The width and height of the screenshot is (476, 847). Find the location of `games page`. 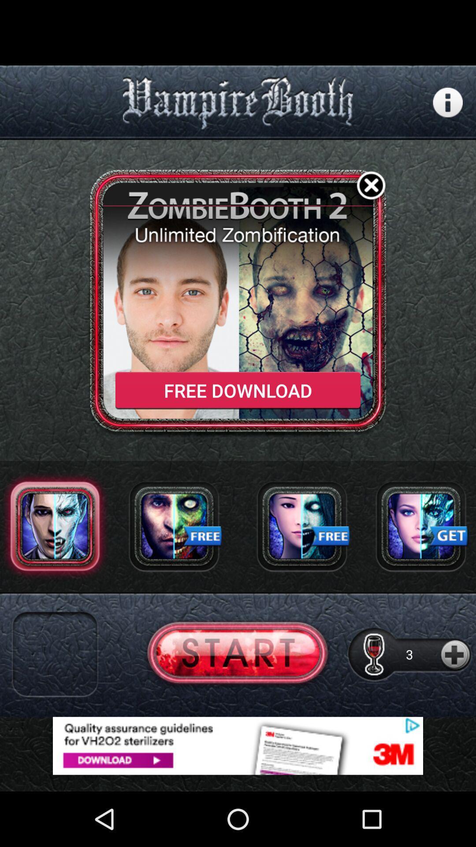

games page is located at coordinates (420, 526).